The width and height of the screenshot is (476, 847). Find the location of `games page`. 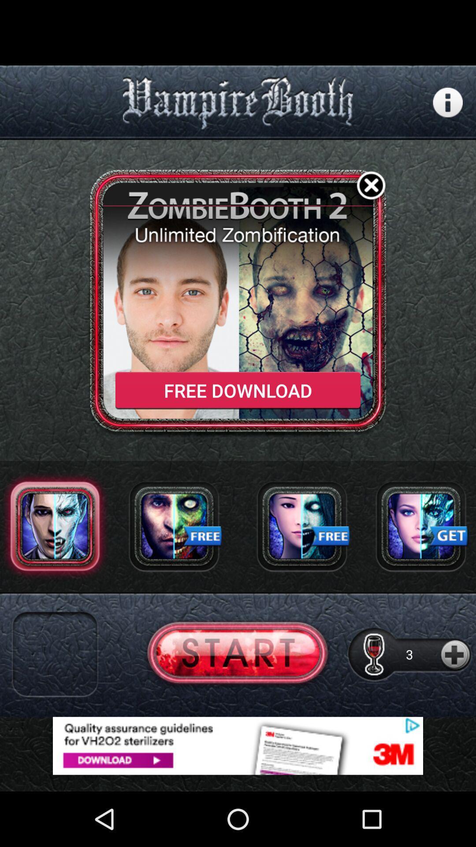

games page is located at coordinates (420, 526).